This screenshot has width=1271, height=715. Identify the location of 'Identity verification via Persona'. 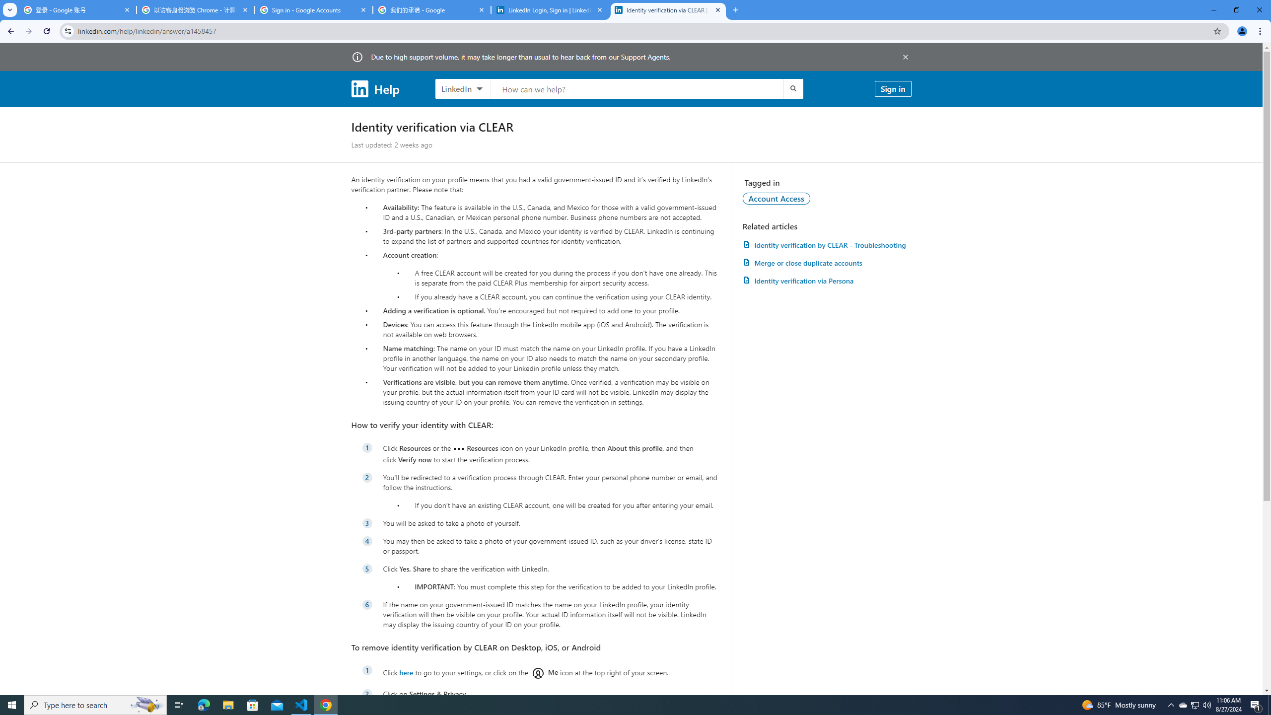
(826, 280).